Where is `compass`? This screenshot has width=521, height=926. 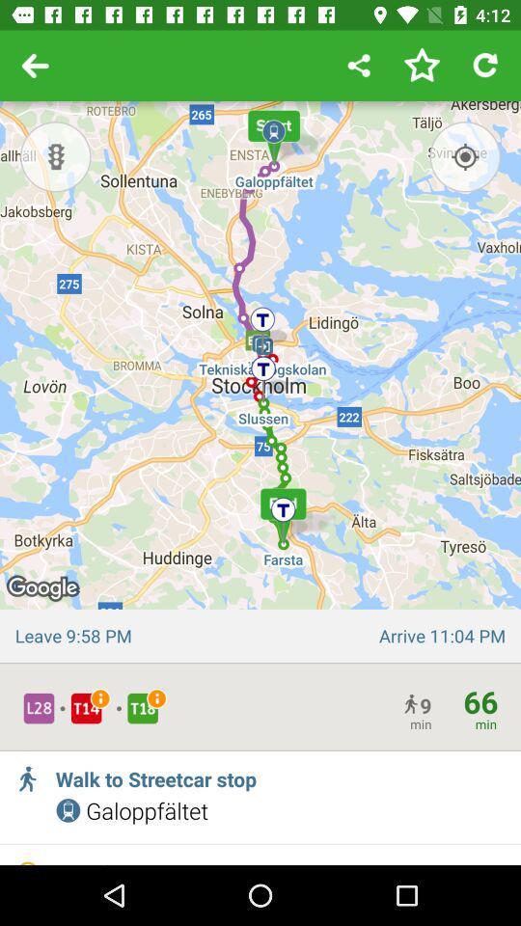
compass is located at coordinates (464, 155).